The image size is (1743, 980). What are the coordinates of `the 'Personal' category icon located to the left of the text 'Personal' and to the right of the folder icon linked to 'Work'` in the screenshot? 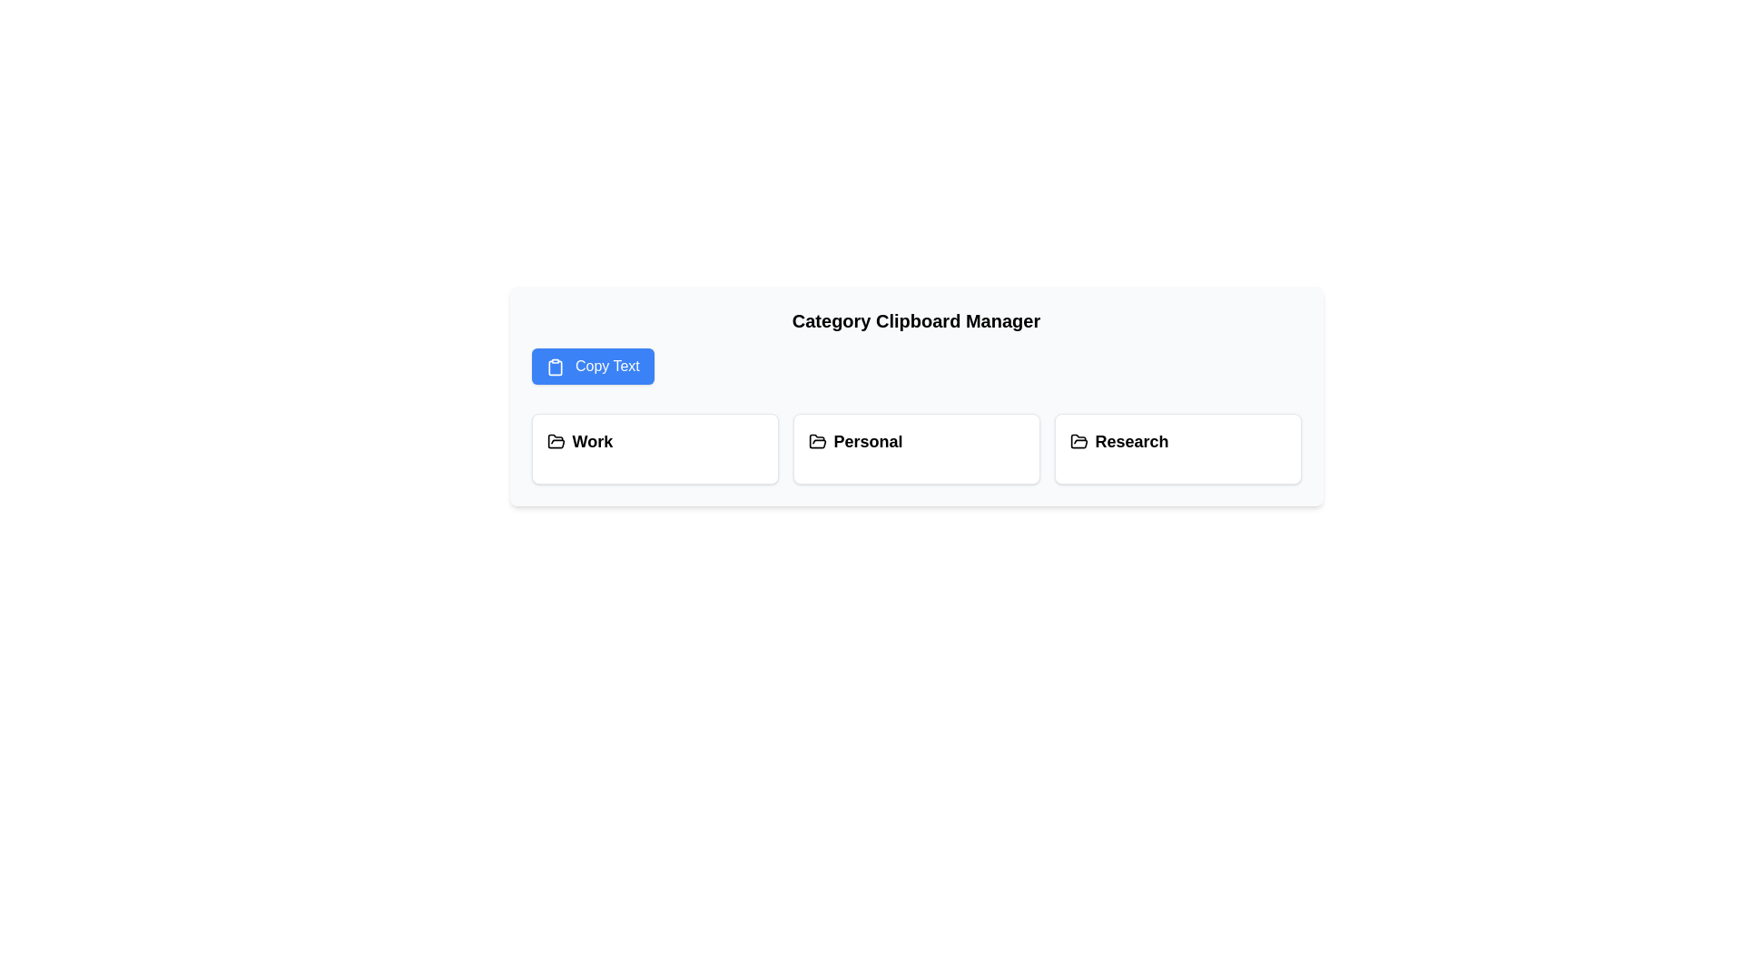 It's located at (816, 441).